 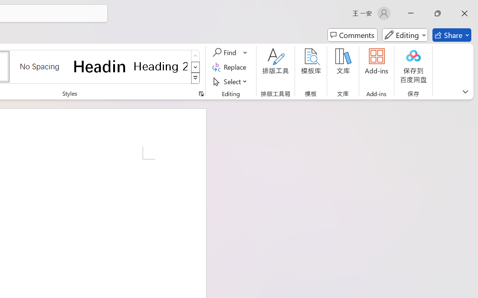 I want to click on 'Replace...', so click(x=230, y=67).